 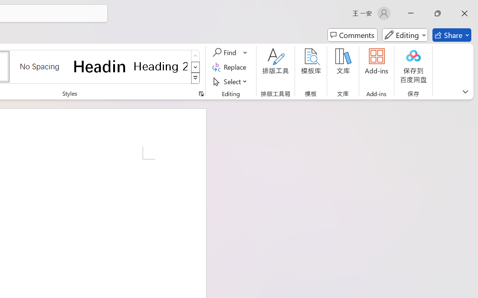 I want to click on 'Replace...', so click(x=230, y=67).